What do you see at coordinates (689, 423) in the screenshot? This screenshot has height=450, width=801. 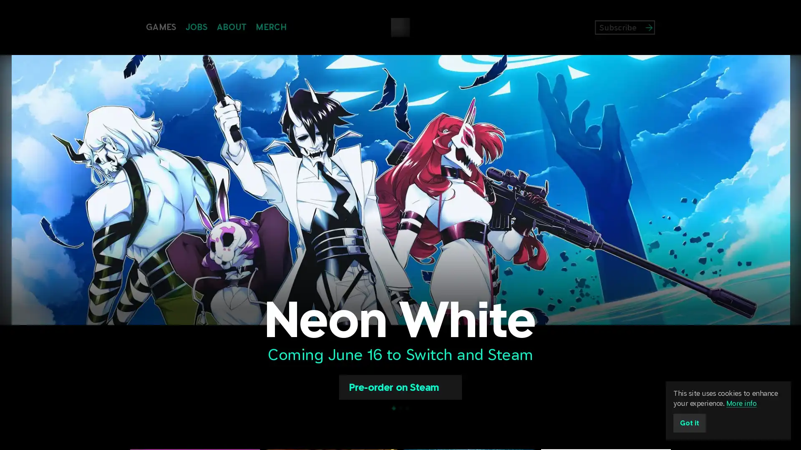 I see `Got it` at bounding box center [689, 423].